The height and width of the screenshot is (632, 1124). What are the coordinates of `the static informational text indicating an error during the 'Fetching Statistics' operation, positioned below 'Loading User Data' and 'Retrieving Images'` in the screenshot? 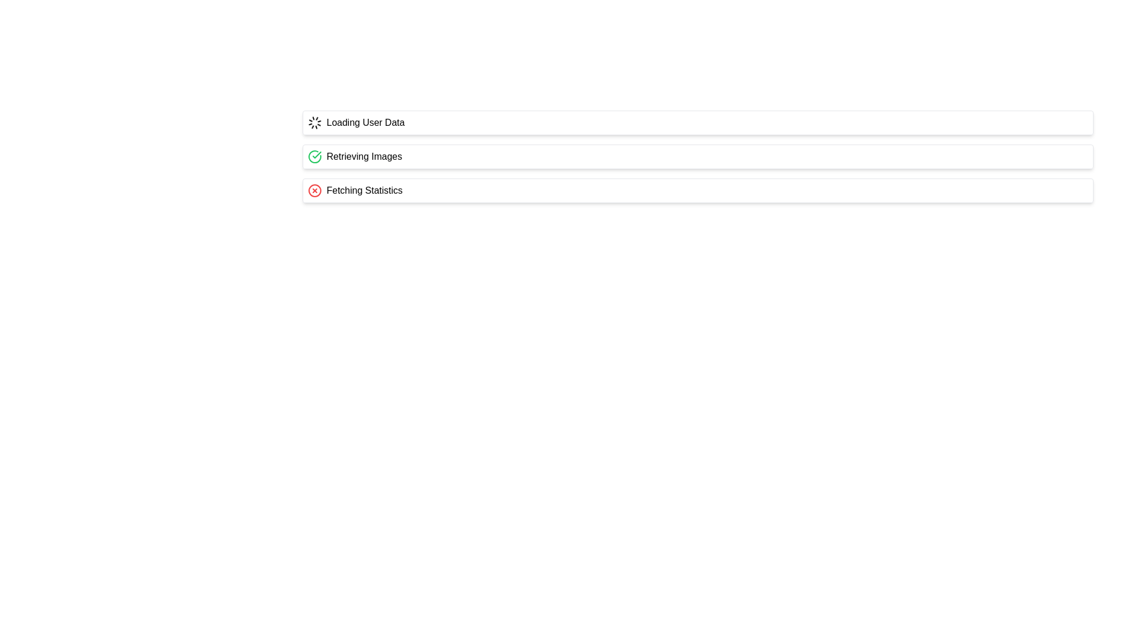 It's located at (354, 190).